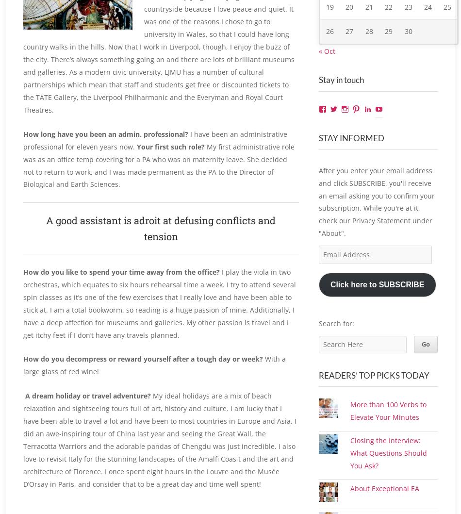 The width and height of the screenshot is (461, 514). I want to click on '22', so click(388, 17).